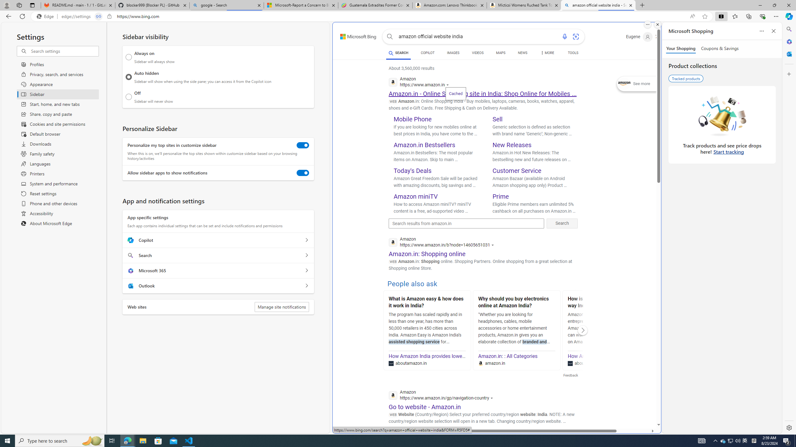  I want to click on 'NEWS', so click(522, 52).